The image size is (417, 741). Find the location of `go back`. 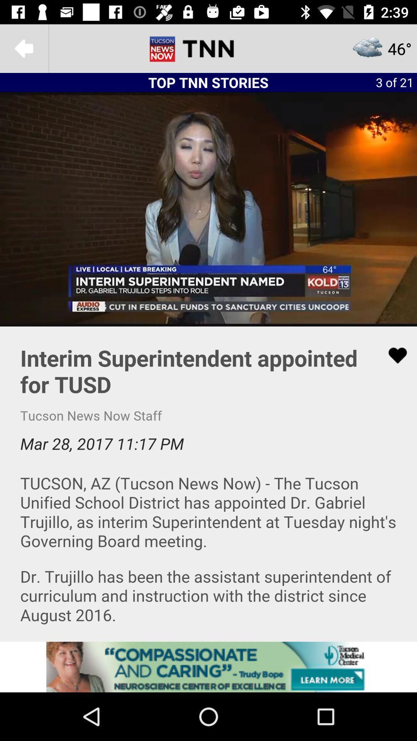

go back is located at coordinates (24, 48).